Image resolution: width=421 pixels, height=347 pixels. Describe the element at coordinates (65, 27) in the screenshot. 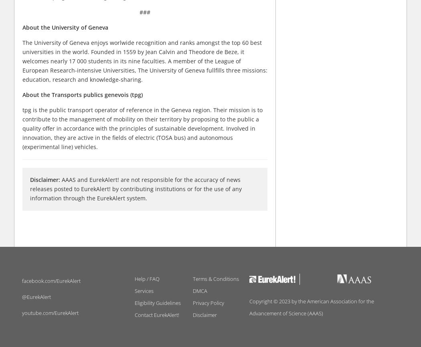

I see `'About the University of Geneva'` at that location.